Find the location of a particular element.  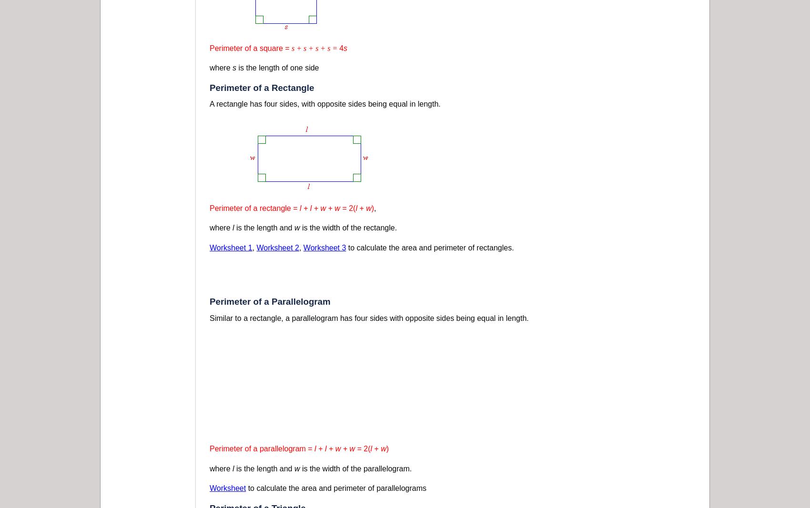

'4' is located at coordinates (339, 47).